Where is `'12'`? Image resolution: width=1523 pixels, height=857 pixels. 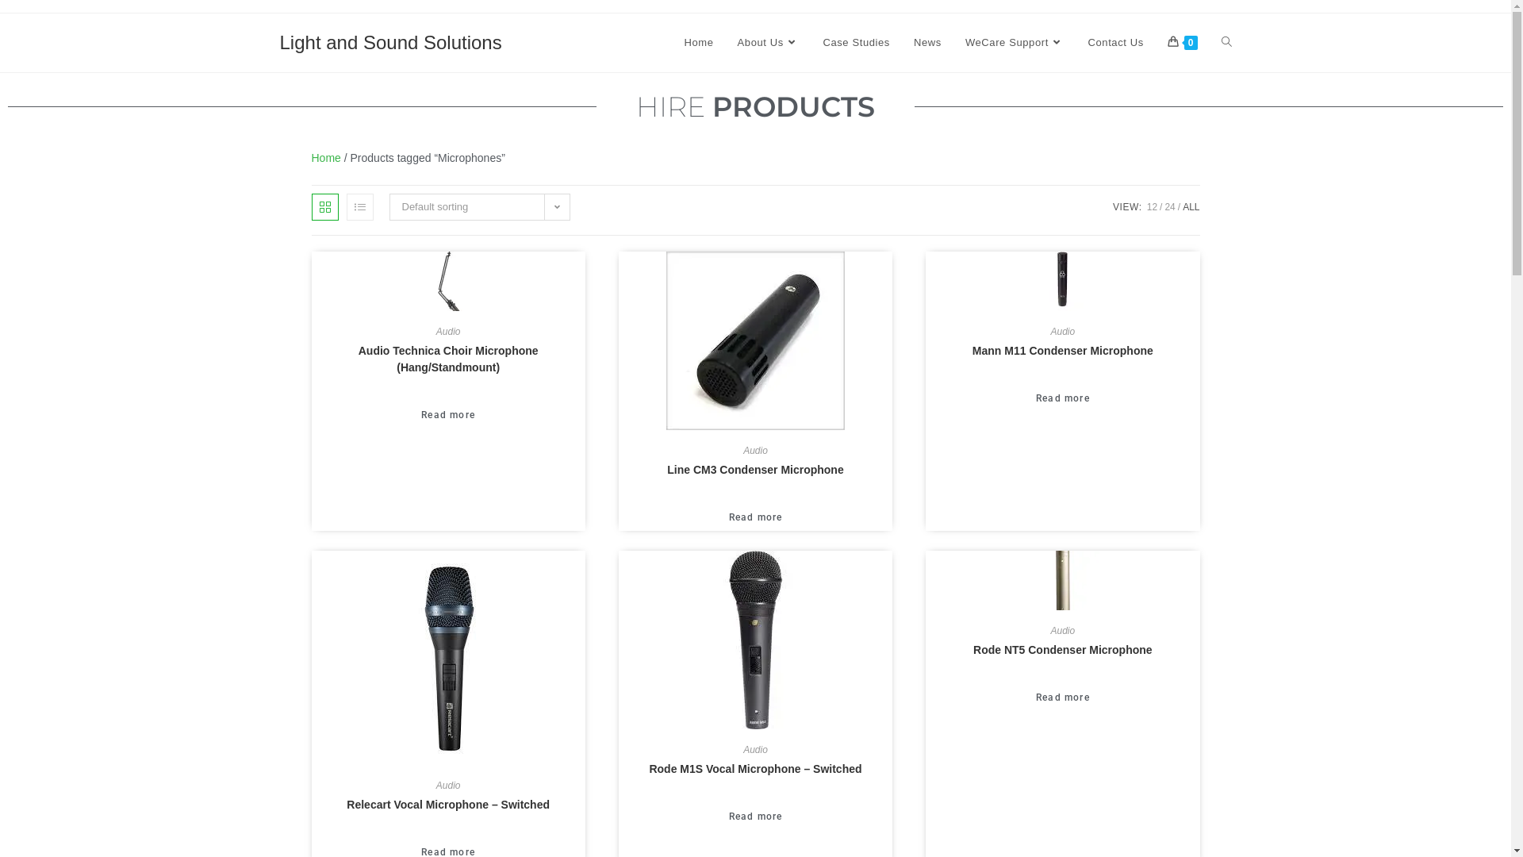
'12' is located at coordinates (1152, 206).